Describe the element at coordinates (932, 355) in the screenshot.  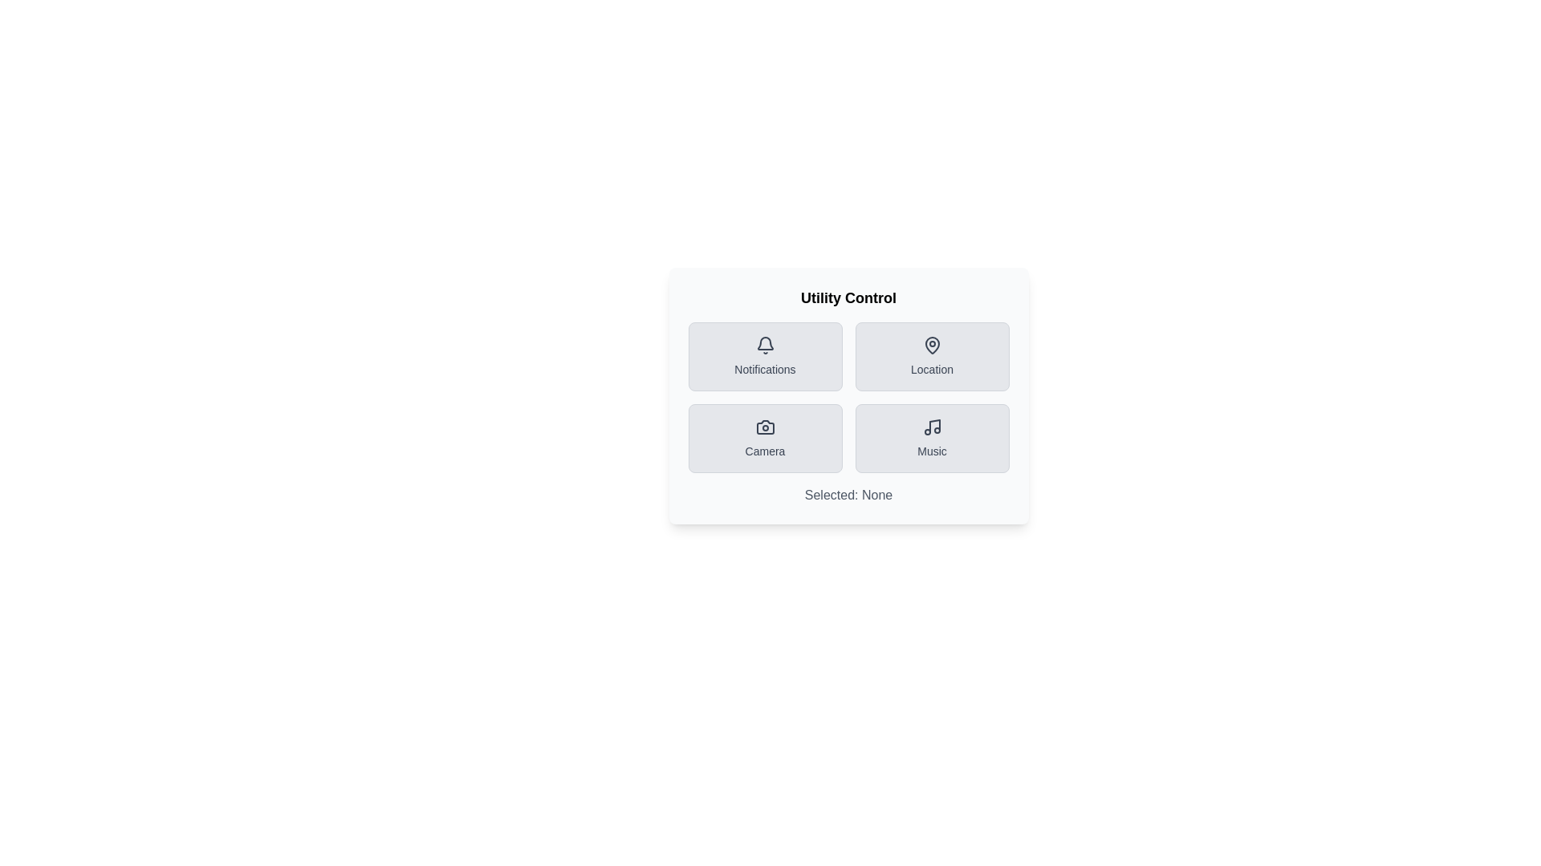
I see `the Location button to view its hover effect` at that location.